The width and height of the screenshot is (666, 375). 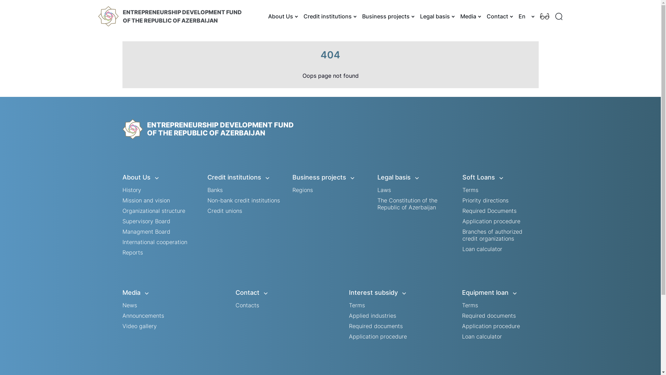 I want to click on 'Soft Loans', so click(x=500, y=177).